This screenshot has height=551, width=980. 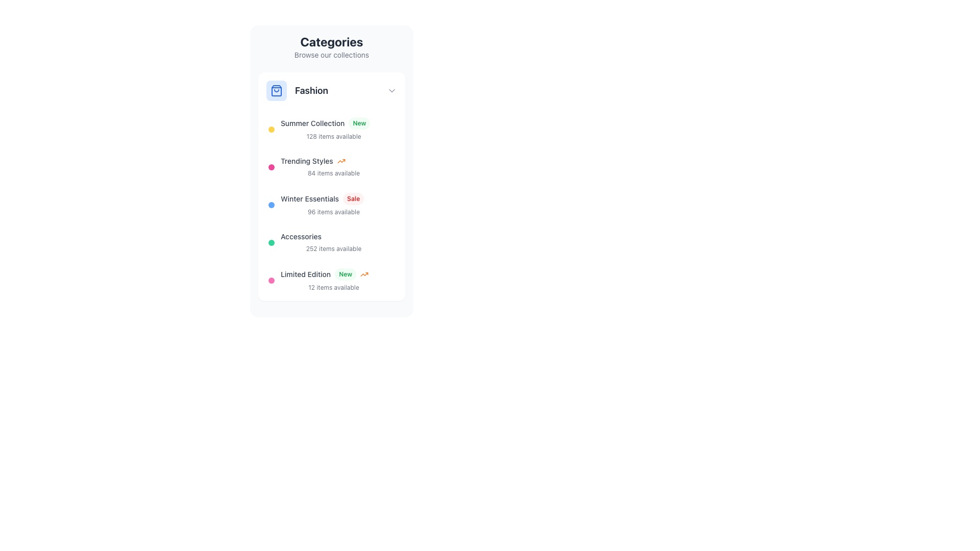 I want to click on the text label that informs users about the availability of 96 items related to the 'Winter Essentials' category, located below the 'Winter Essentials Sale' text in the category list, so click(x=333, y=211).